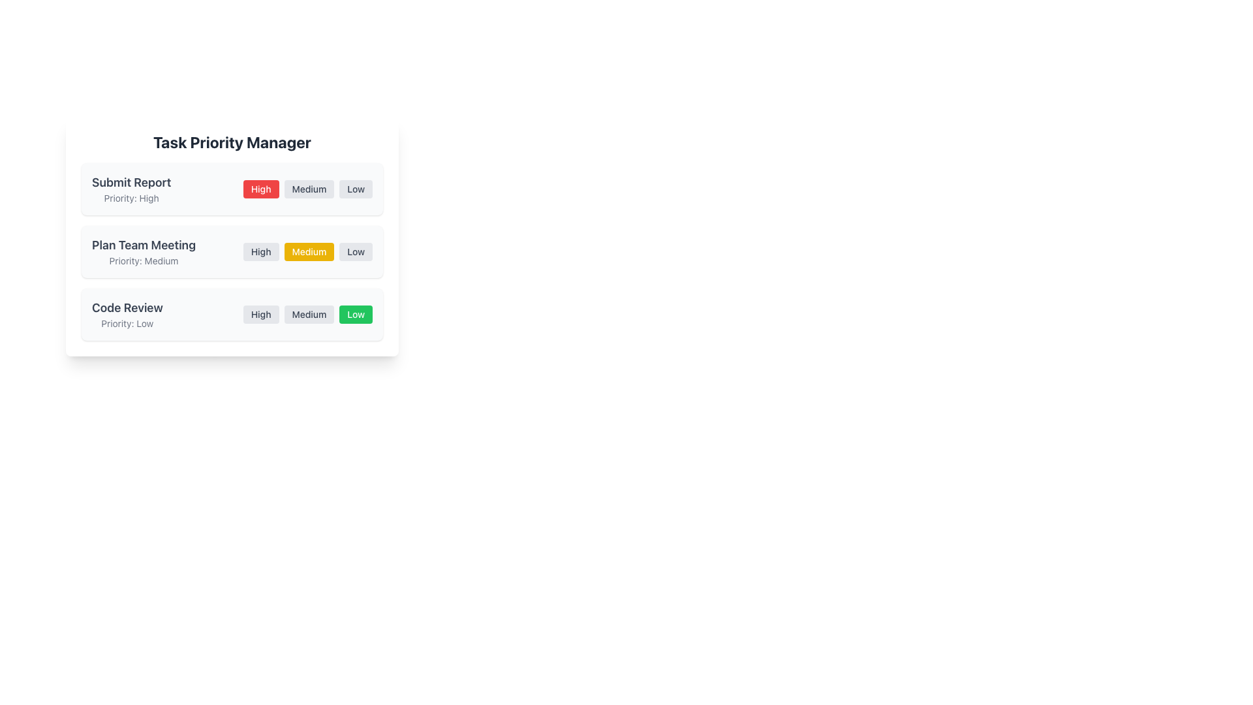 The width and height of the screenshot is (1253, 705). I want to click on the 'Low' priority button located in the third row of the 'Code Review' section to set low priority for the associated task, so click(307, 315).